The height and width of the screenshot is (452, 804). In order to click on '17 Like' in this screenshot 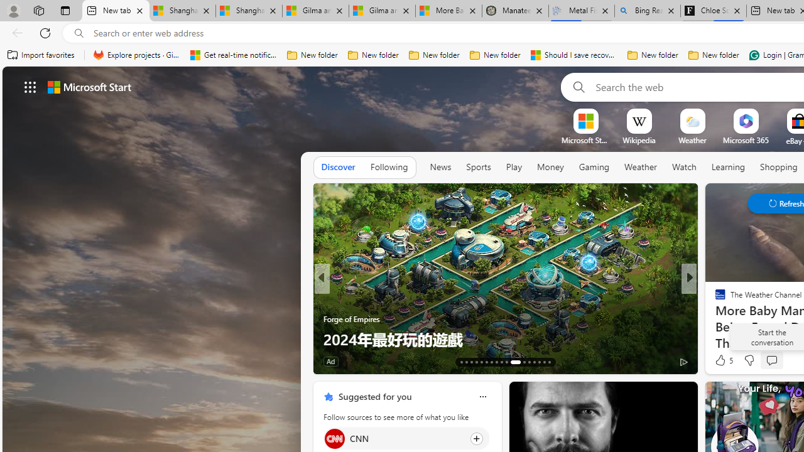, I will do `click(722, 361)`.